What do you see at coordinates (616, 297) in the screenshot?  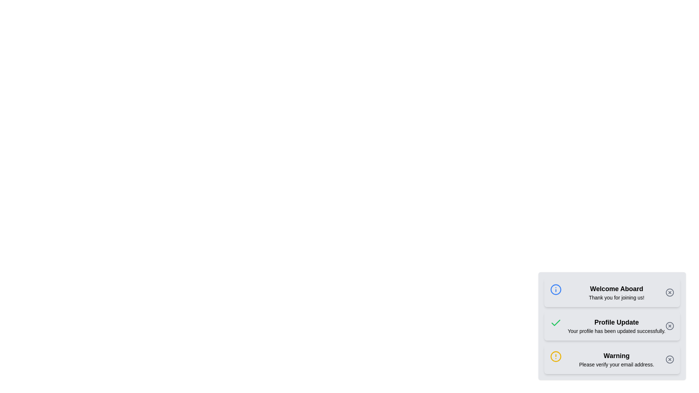 I see `the text label that reads 'Thank you for joining us!', which is positioned directly below the heading 'Welcome Aboard'` at bounding box center [616, 297].